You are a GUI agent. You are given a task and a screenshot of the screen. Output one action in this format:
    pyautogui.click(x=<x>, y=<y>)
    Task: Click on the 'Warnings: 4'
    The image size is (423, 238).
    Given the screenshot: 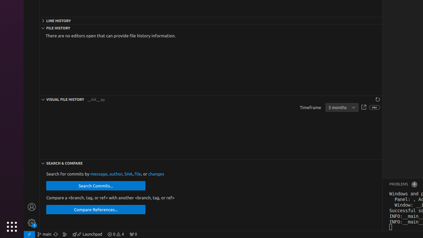 What is the action you would take?
    pyautogui.click(x=116, y=234)
    